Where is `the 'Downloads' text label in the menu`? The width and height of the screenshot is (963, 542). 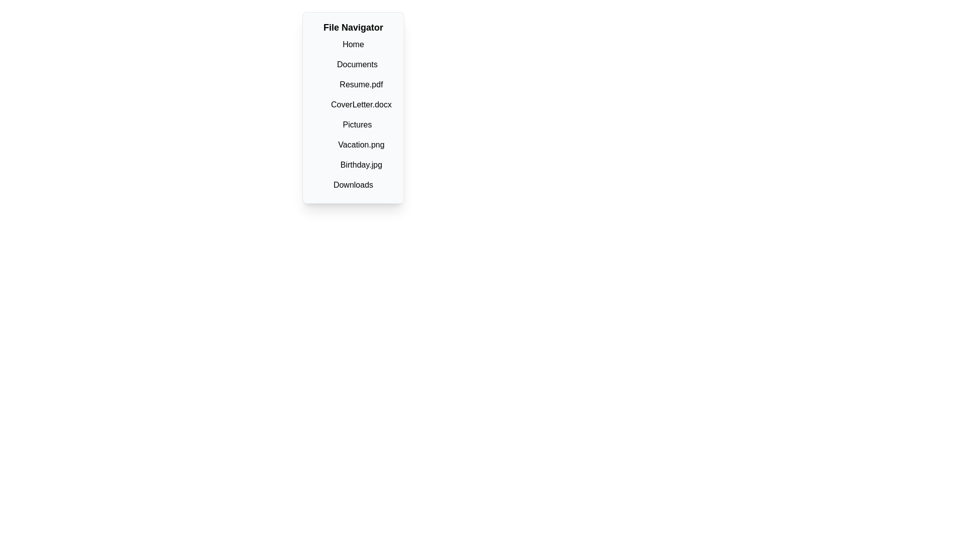
the 'Downloads' text label in the menu is located at coordinates (353, 185).